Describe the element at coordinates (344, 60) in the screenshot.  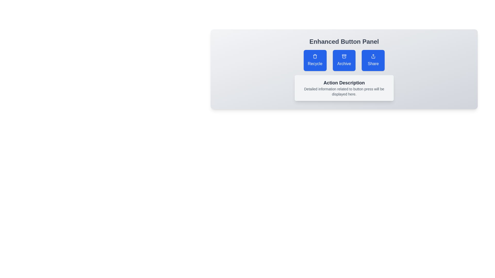
I see `the 'Archive' button located in the middle of the three-button grid under the 'Enhanced Button Panel'` at that location.